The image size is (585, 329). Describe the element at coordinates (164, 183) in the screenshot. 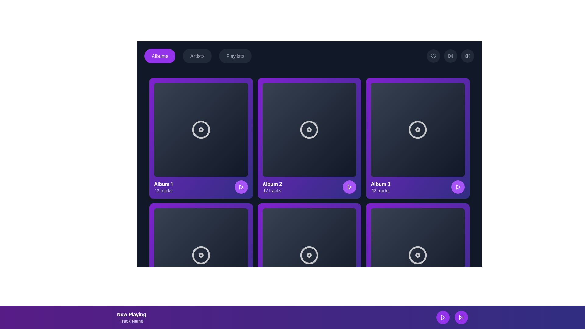

I see `text label that serves as the title for the album item located in the lower-left portion of the interface, specifically in the first cell of the grid layout` at that location.